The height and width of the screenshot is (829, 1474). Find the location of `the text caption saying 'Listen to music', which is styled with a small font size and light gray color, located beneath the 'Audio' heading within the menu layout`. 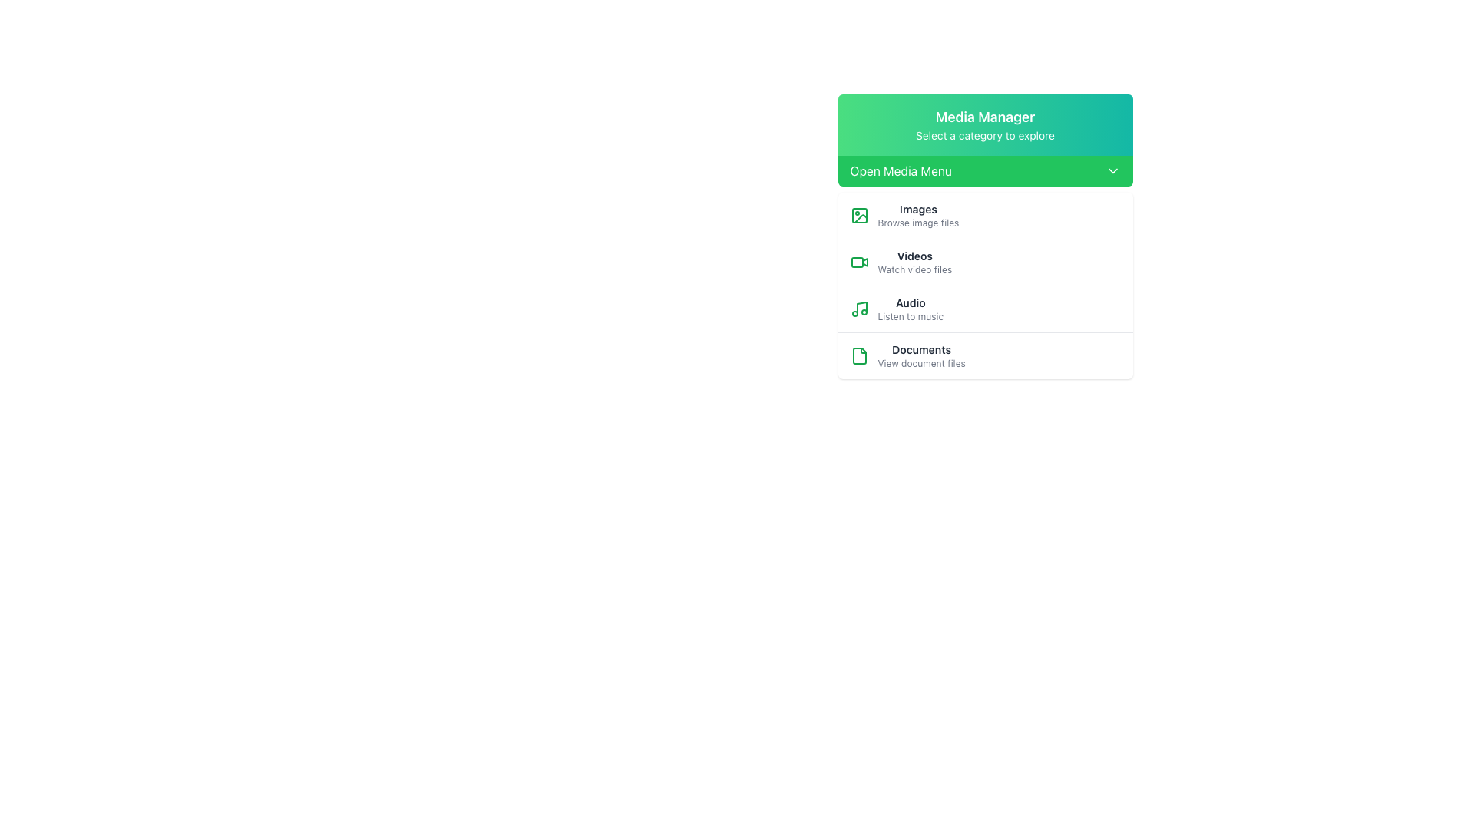

the text caption saying 'Listen to music', which is styled with a small font size and light gray color, located beneath the 'Audio' heading within the menu layout is located at coordinates (911, 315).